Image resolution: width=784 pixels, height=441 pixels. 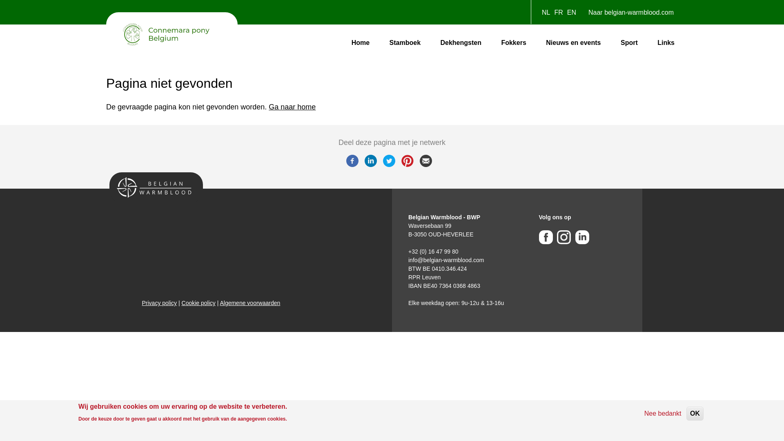 What do you see at coordinates (389, 165) in the screenshot?
I see `'Twitter'` at bounding box center [389, 165].